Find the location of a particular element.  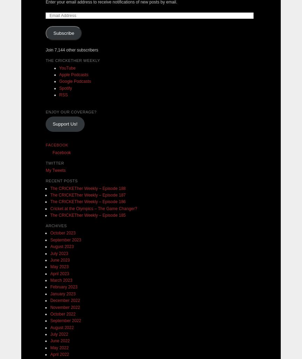

'May 2022' is located at coordinates (59, 347).